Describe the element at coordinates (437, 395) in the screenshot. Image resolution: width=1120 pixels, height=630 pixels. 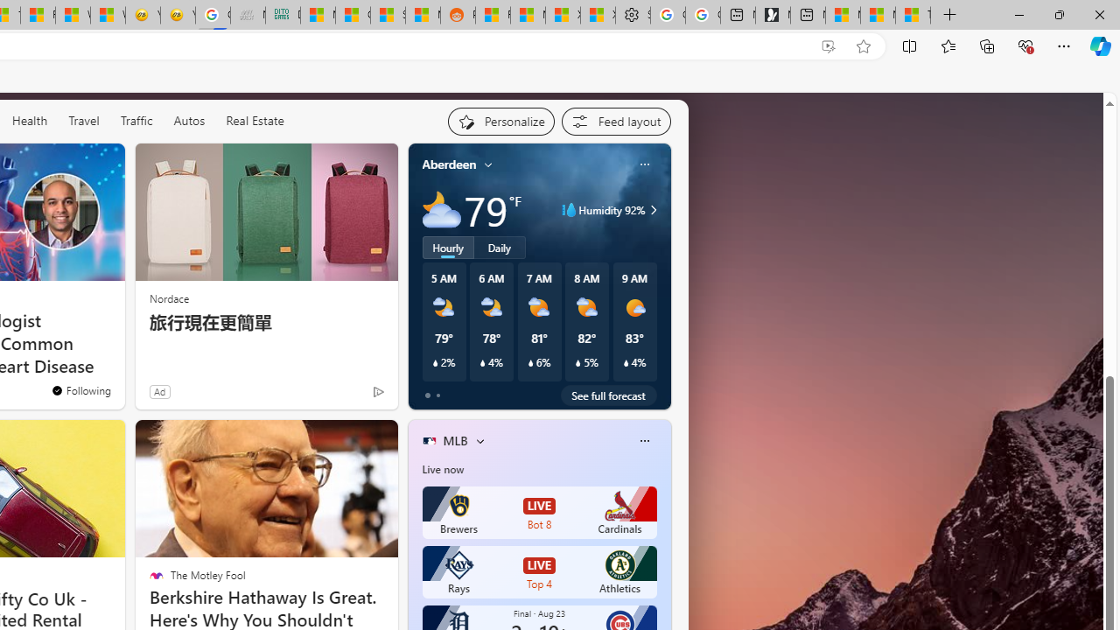
I see `'tab-1'` at that location.